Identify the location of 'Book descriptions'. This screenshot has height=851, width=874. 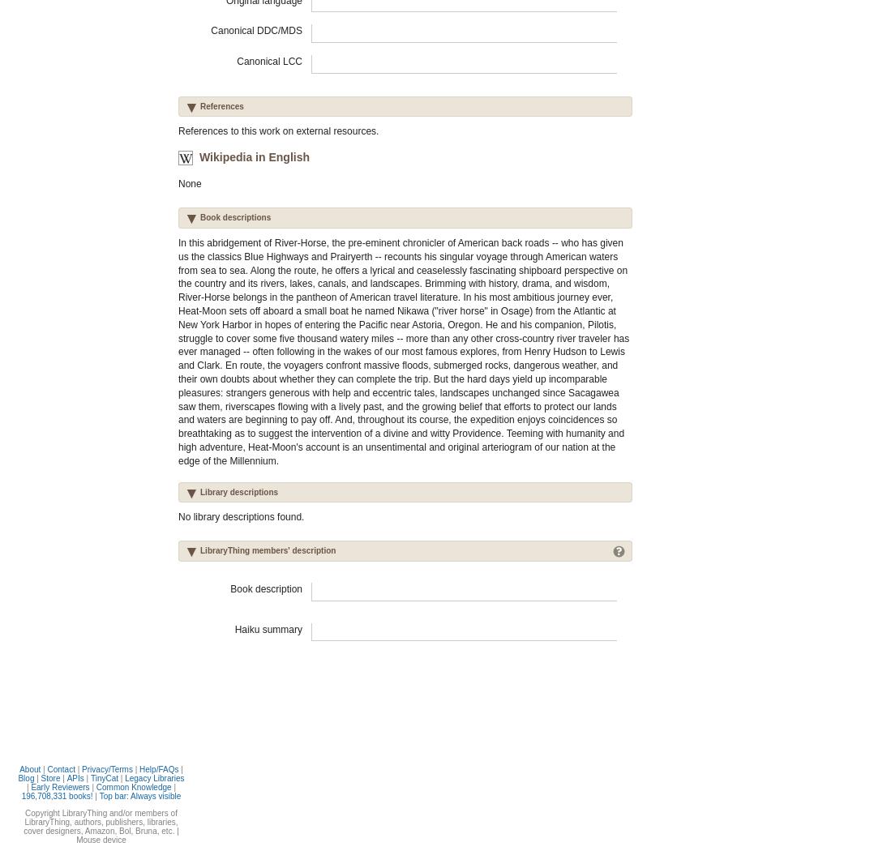
(235, 216).